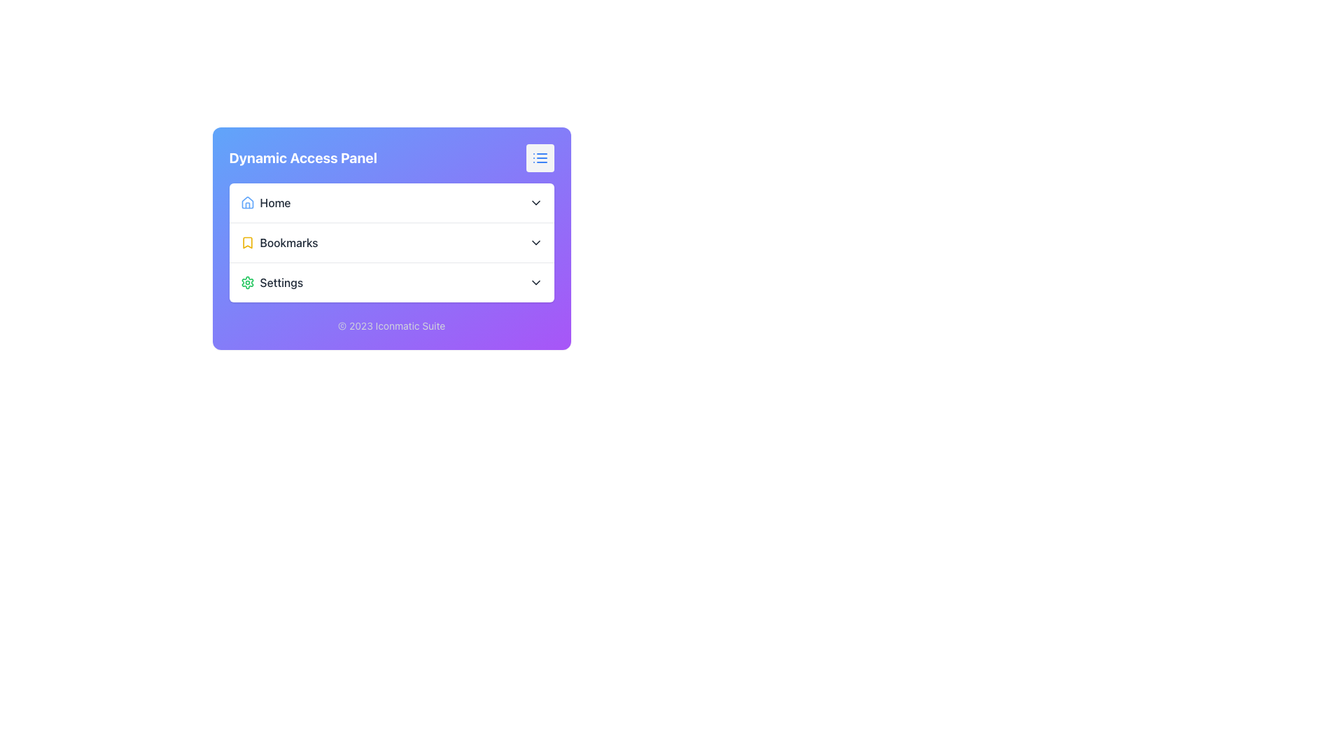 This screenshot has width=1344, height=756. I want to click on the third selectable menu option in the navigation panel labeled 'Dynamic Access Panel', so click(391, 282).